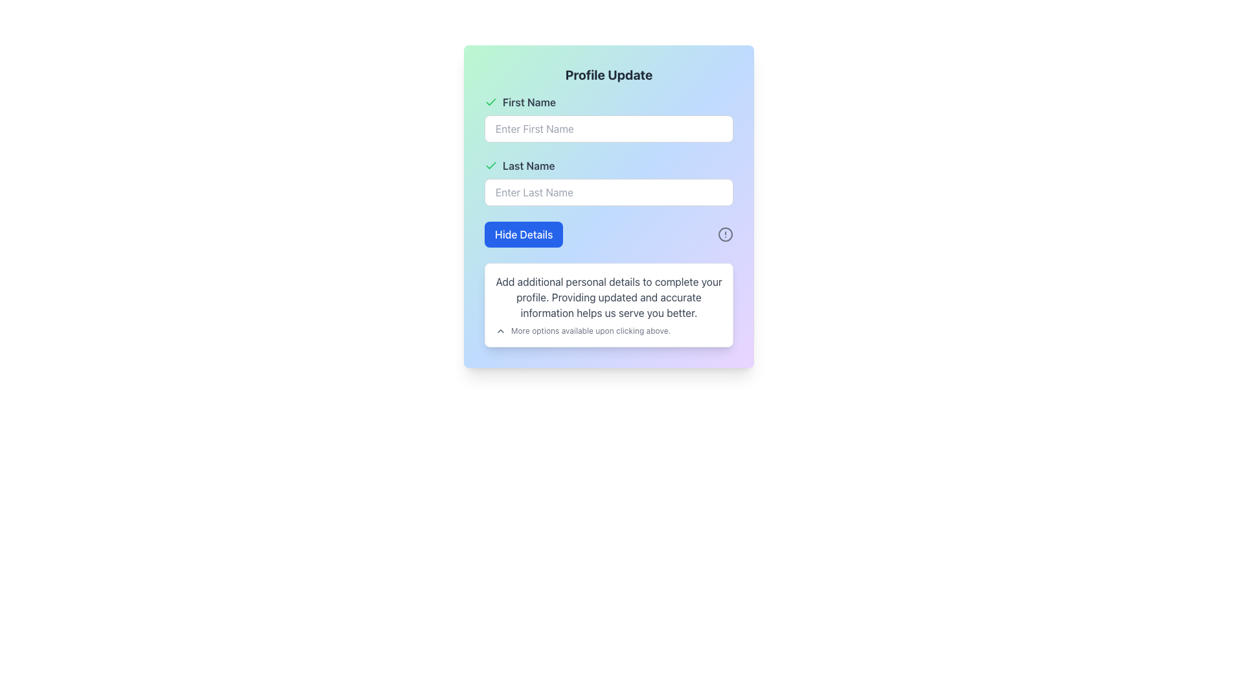 The width and height of the screenshot is (1244, 700). I want to click on the green checkmark icon located next to the 'First Name' label in the form, so click(490, 102).